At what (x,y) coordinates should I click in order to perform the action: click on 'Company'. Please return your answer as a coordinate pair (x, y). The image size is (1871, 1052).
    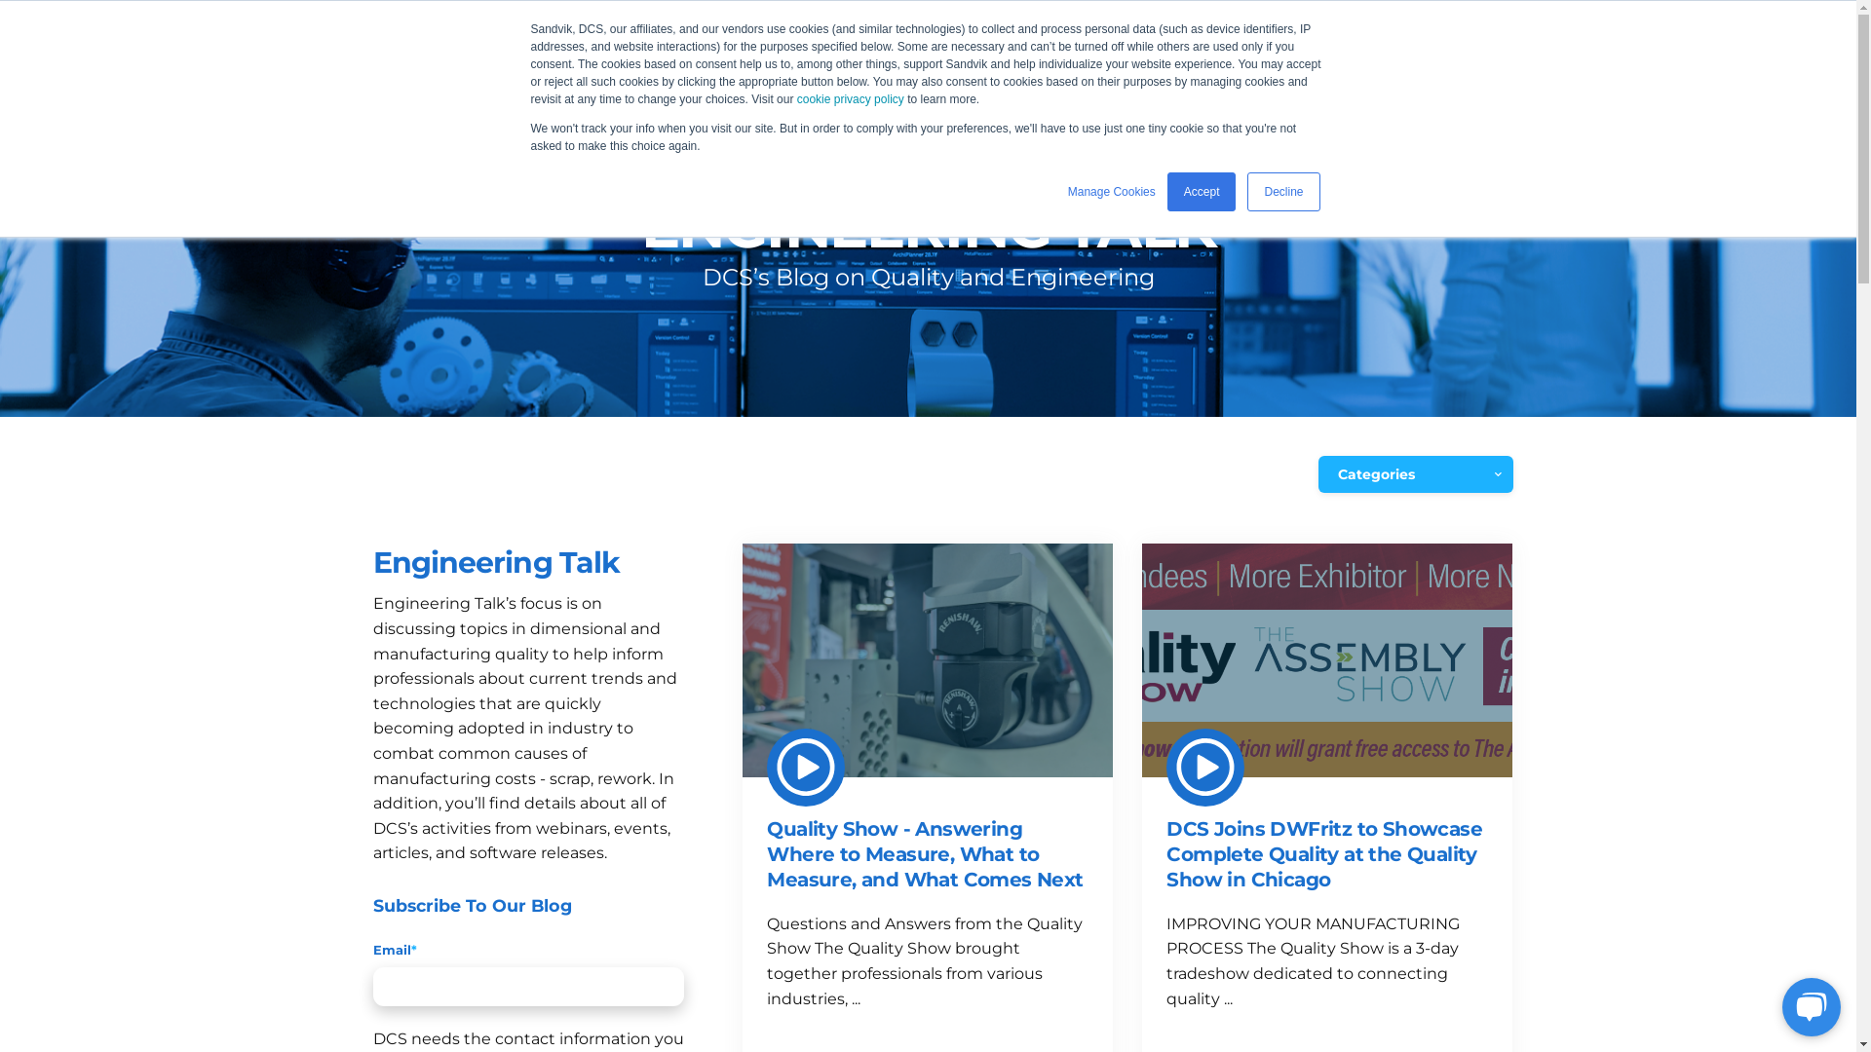
    Looking at the image, I should click on (947, 76).